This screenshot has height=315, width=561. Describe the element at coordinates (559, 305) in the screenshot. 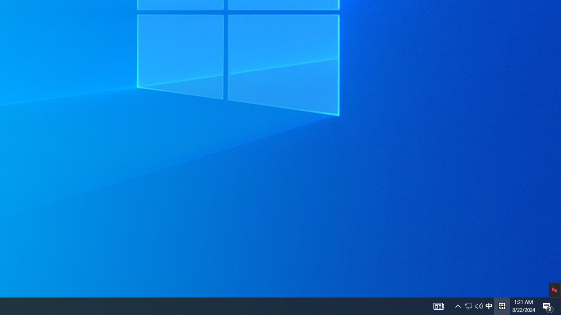

I see `'Show desktop'` at that location.